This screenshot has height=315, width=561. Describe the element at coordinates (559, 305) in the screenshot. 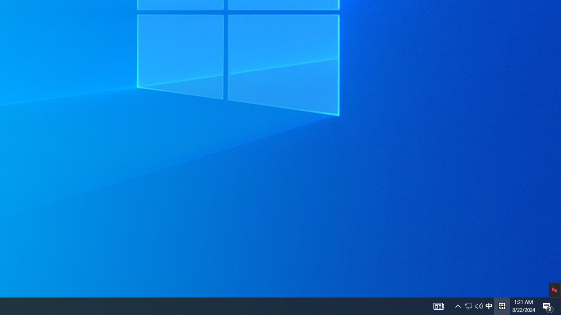

I see `'Show desktop'` at that location.